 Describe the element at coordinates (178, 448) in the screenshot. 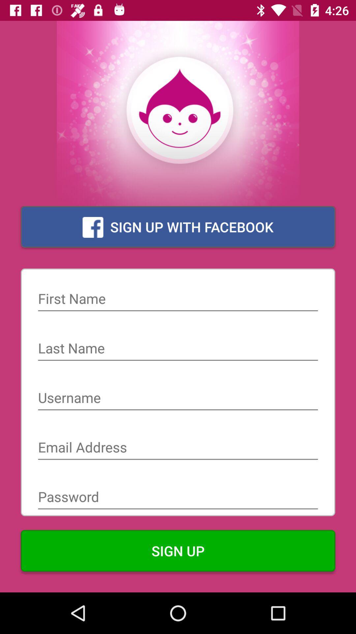

I see `your email` at that location.